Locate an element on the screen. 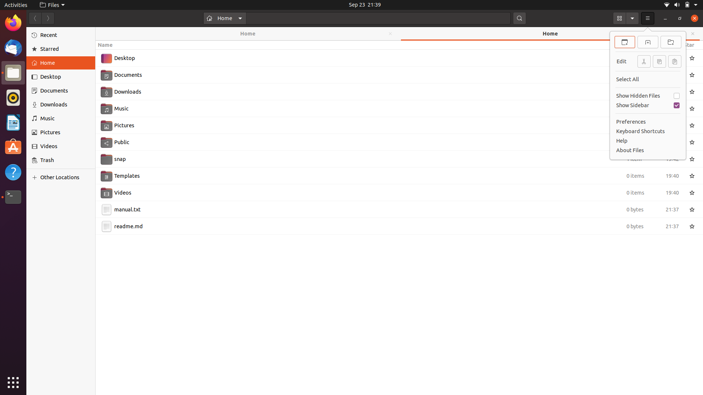 The image size is (703, 395). the "first option in the menu using keyboard is located at coordinates (648, 18).